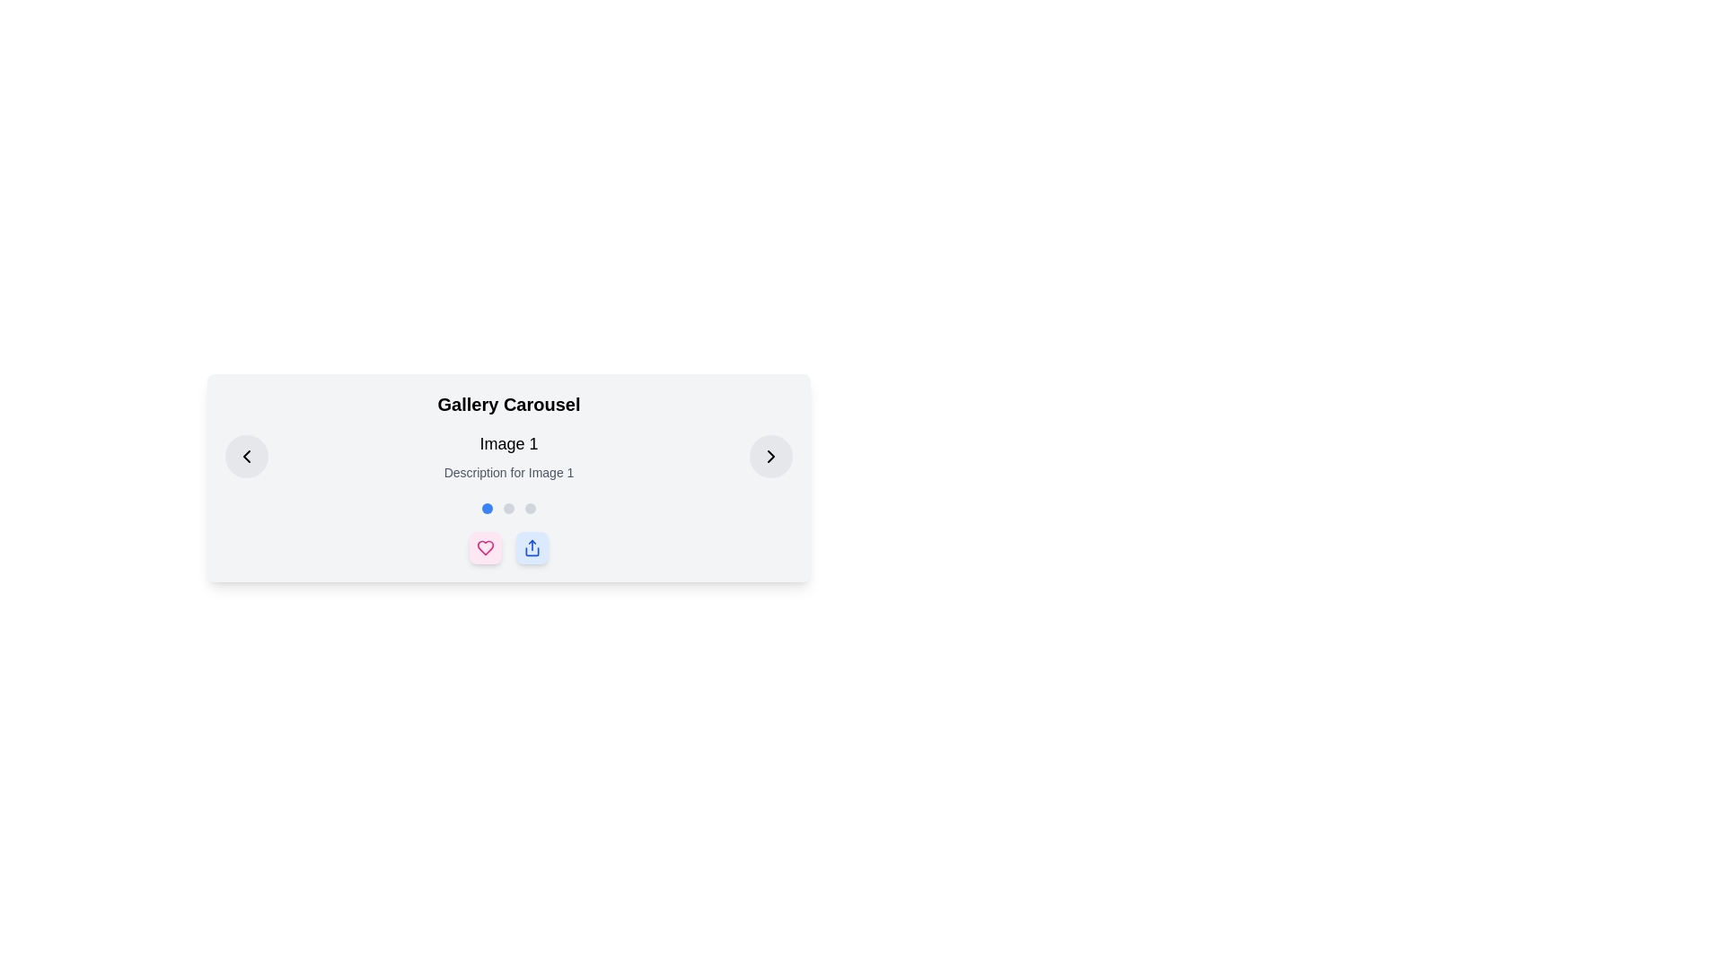  What do you see at coordinates (245, 456) in the screenshot?
I see `the button containing the previous chevron icon for keyboard navigation in the Gallery Carousel interface` at bounding box center [245, 456].